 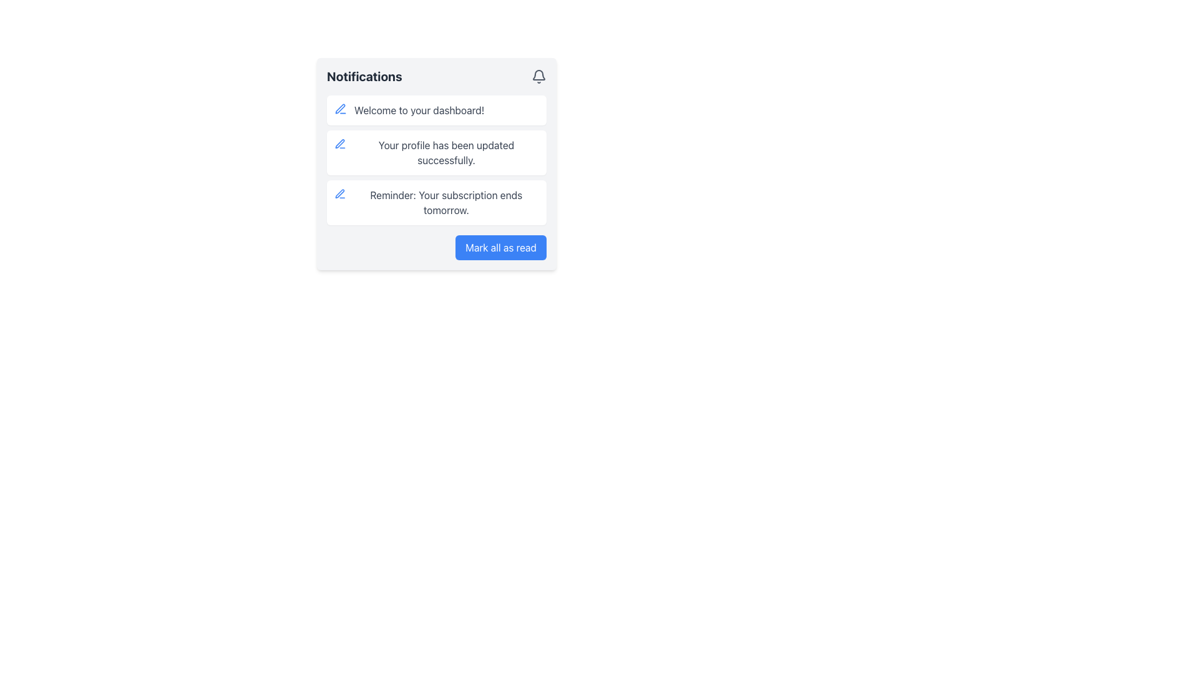 What do you see at coordinates (340, 144) in the screenshot?
I see `the blue pen icon, which is located to the left of the notification text 'Your profile has been updated successfully.'` at bounding box center [340, 144].